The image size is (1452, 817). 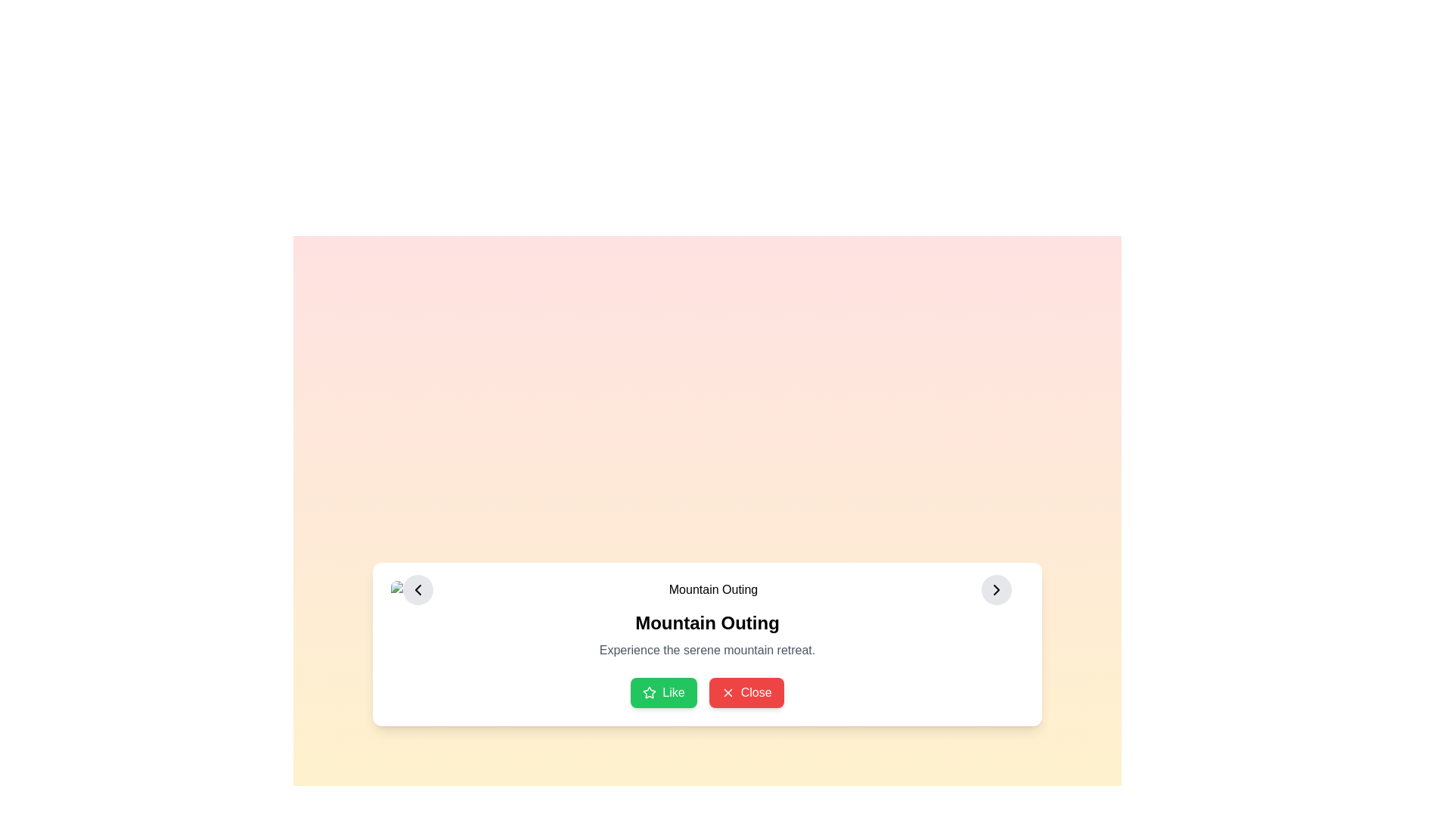 I want to click on text displayed in the Text Display element located directly under the title 'Mountain Outing.', so click(x=706, y=650).